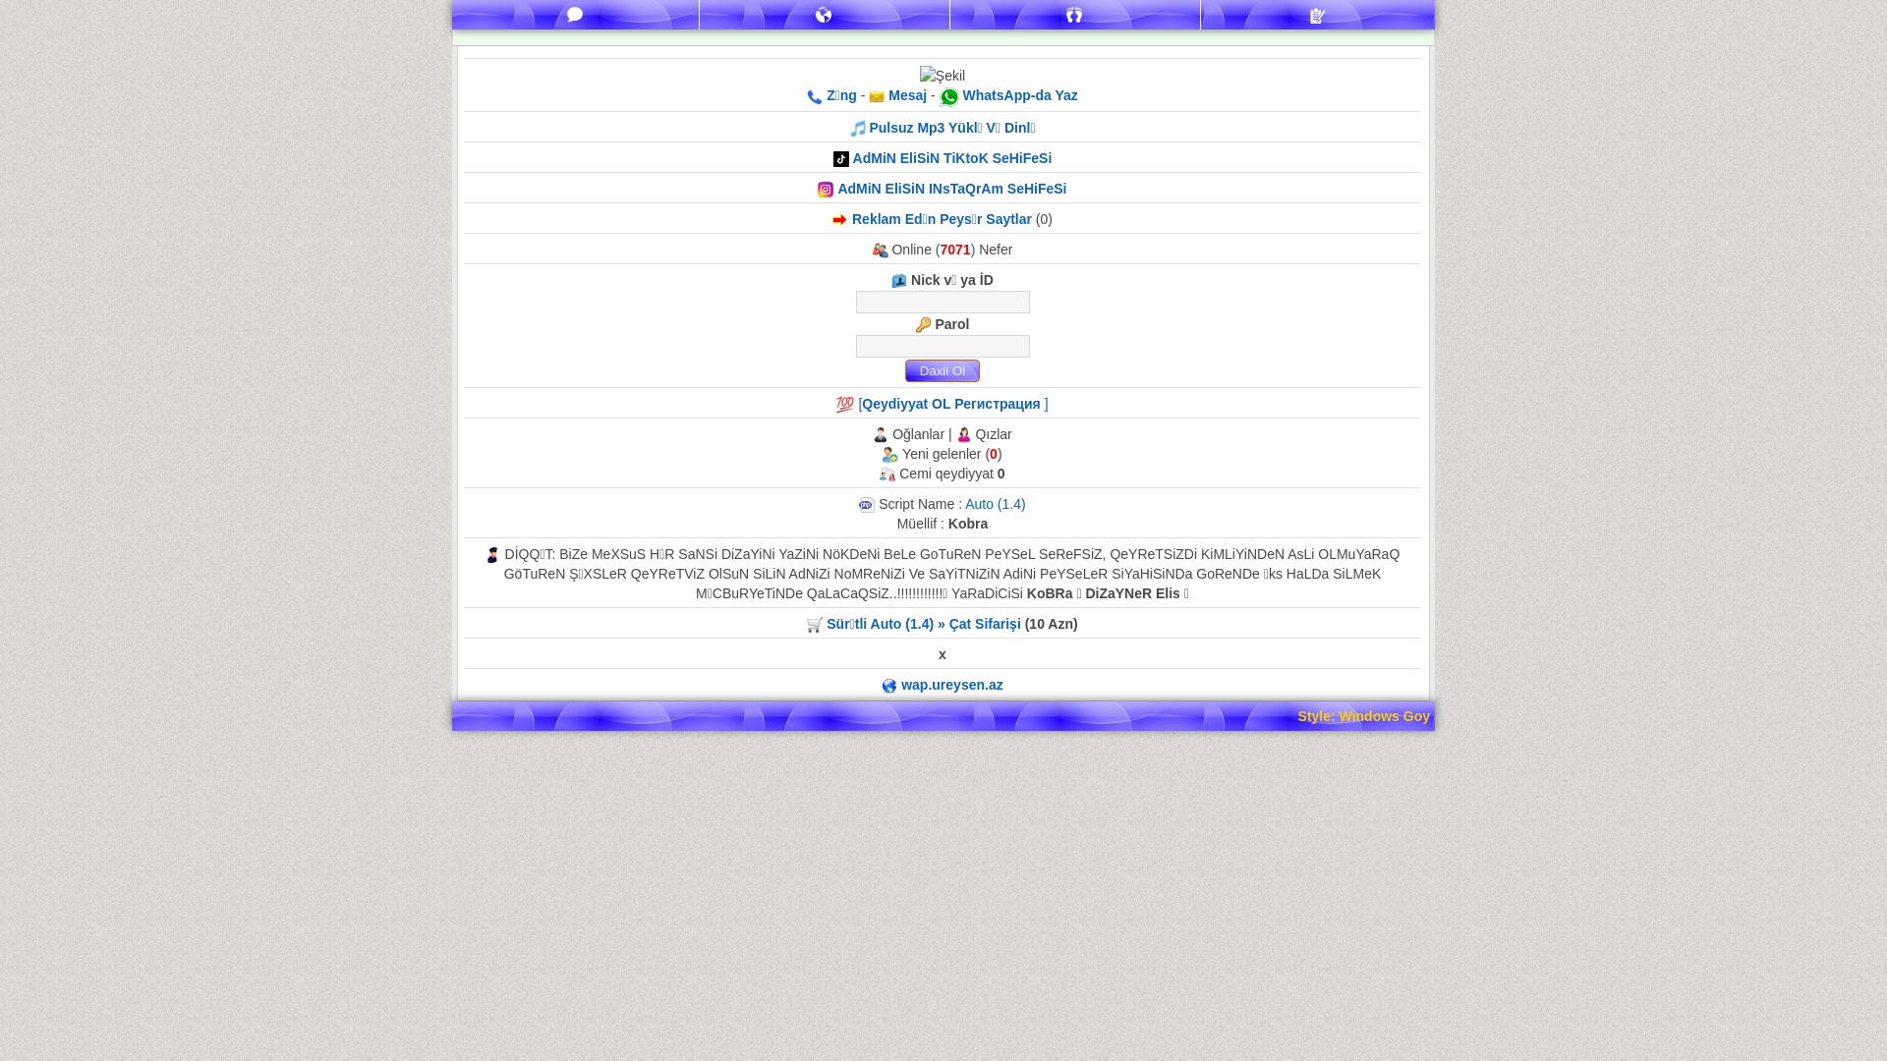  I want to click on 'Auto (1.4)', so click(995, 503).